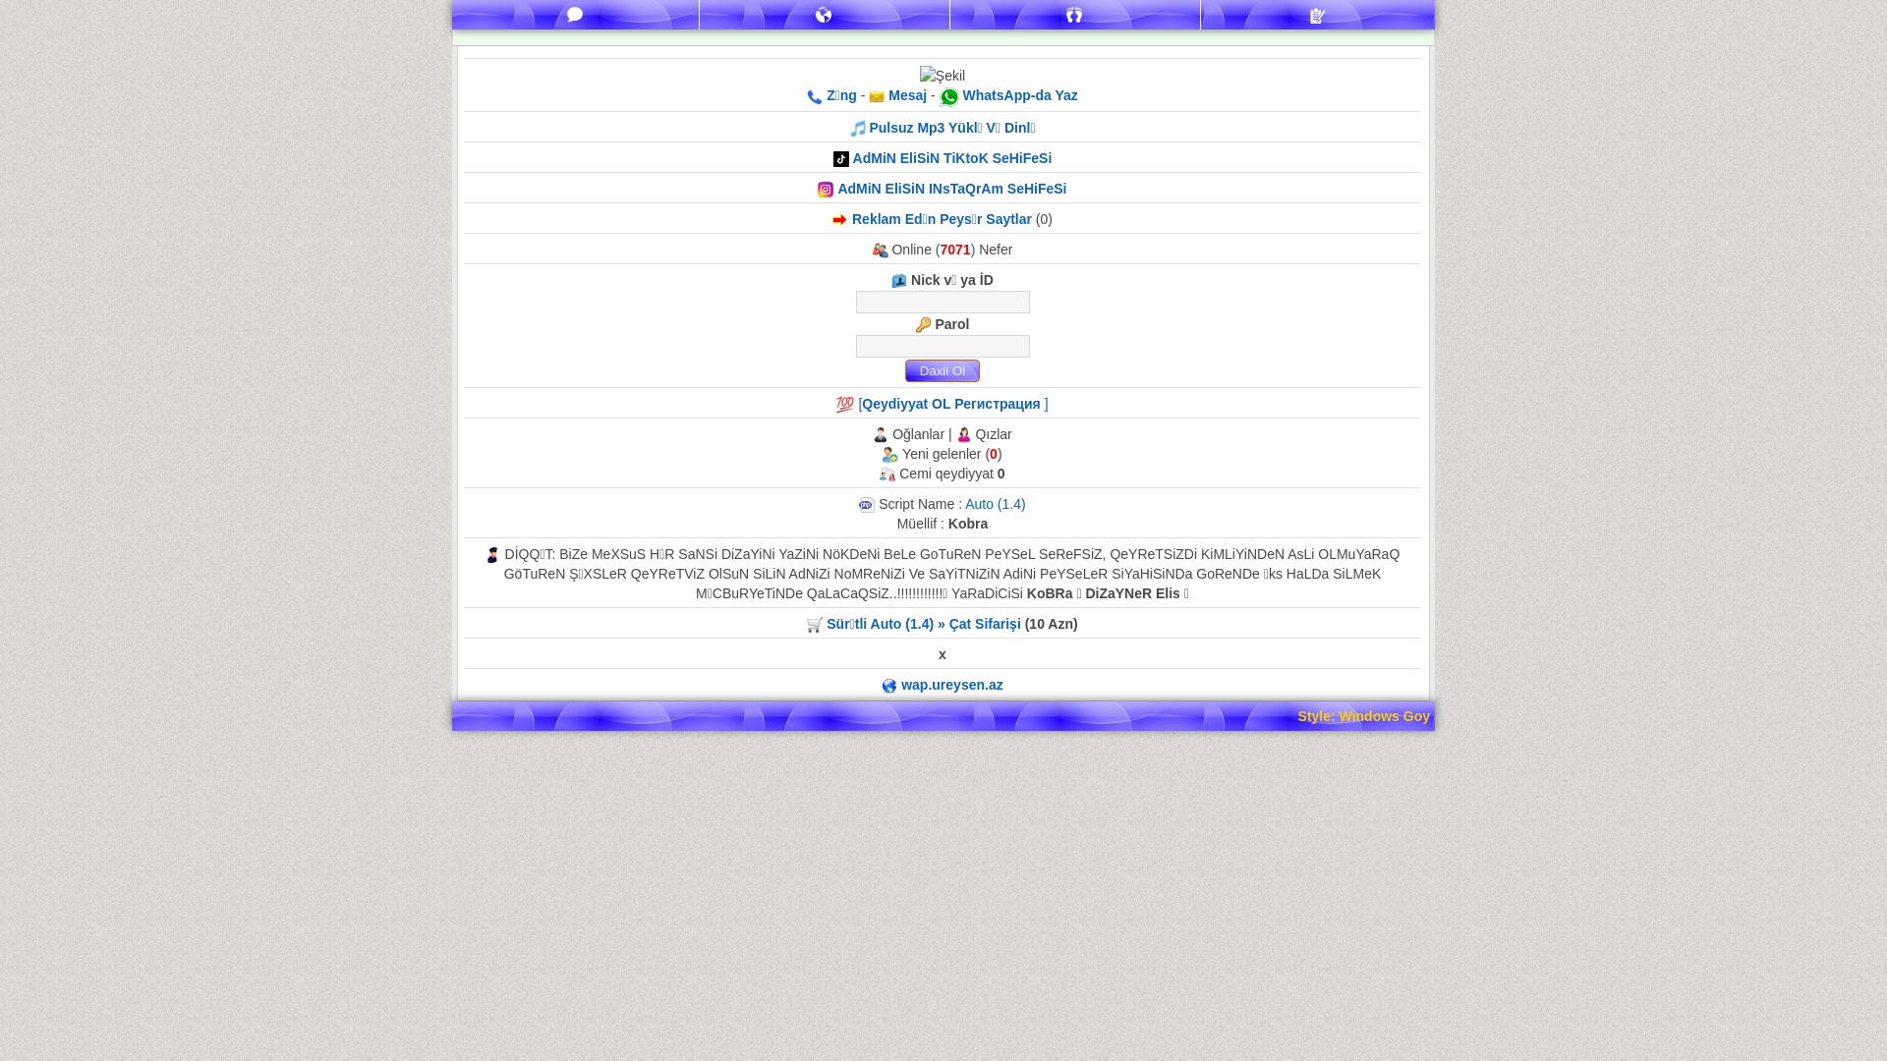  I want to click on 'Auto (1.4)', so click(995, 503).